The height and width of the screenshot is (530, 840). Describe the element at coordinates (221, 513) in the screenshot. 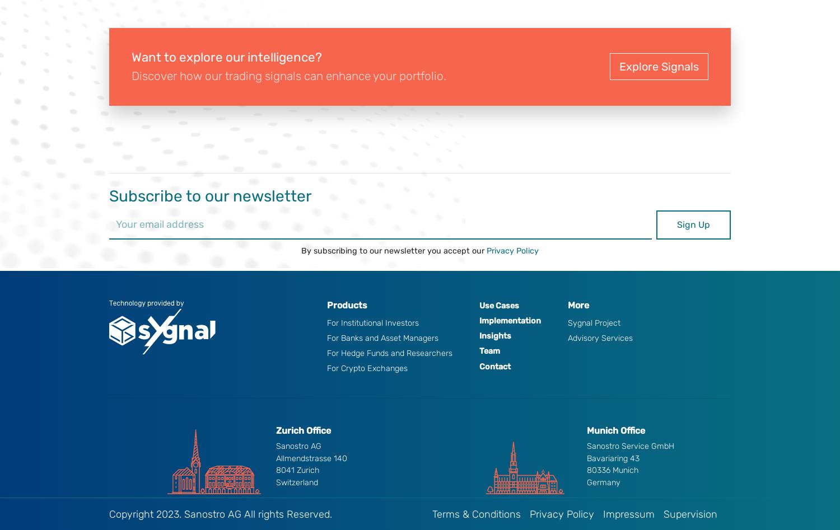

I see `'Copyright 2023. Sanostro AG All rights Reserved.'` at that location.